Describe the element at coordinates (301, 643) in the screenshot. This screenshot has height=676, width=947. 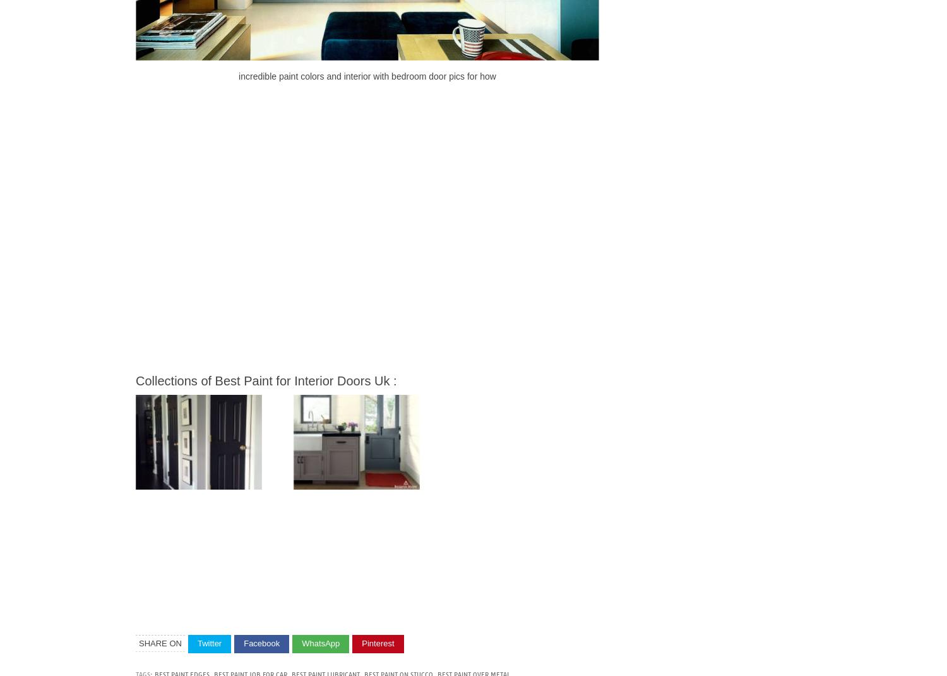
I see `'WhatsApp'` at that location.